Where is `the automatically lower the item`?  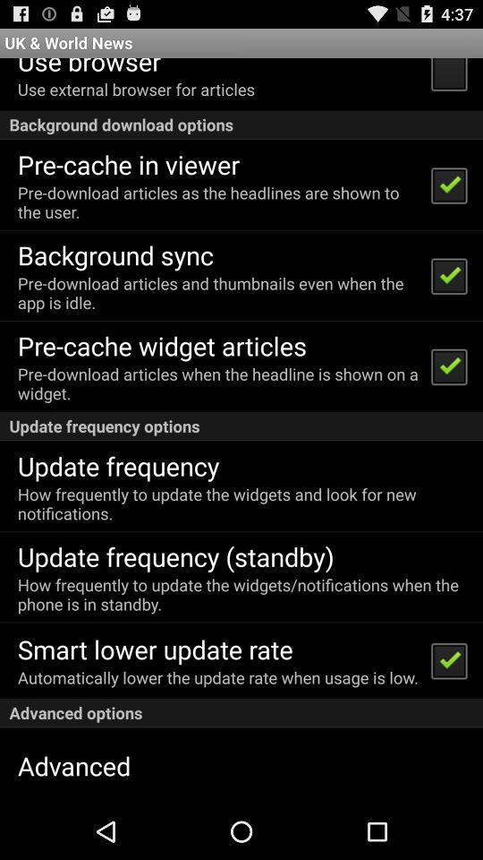 the automatically lower the item is located at coordinates (217, 676).